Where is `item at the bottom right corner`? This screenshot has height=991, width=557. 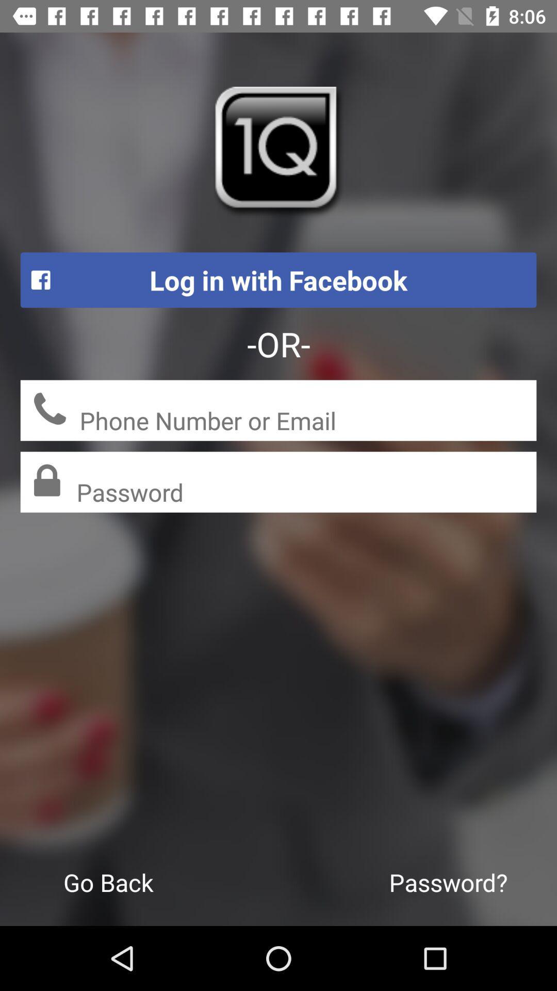 item at the bottom right corner is located at coordinates (448, 882).